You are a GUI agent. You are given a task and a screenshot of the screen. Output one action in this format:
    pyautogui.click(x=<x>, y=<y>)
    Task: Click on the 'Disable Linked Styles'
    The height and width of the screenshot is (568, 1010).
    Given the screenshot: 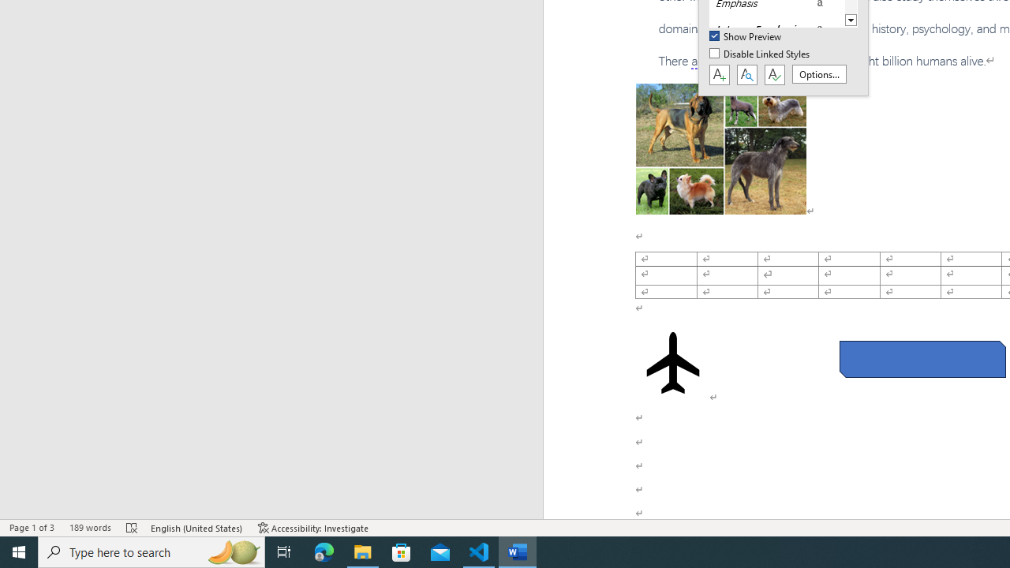 What is the action you would take?
    pyautogui.click(x=761, y=54)
    